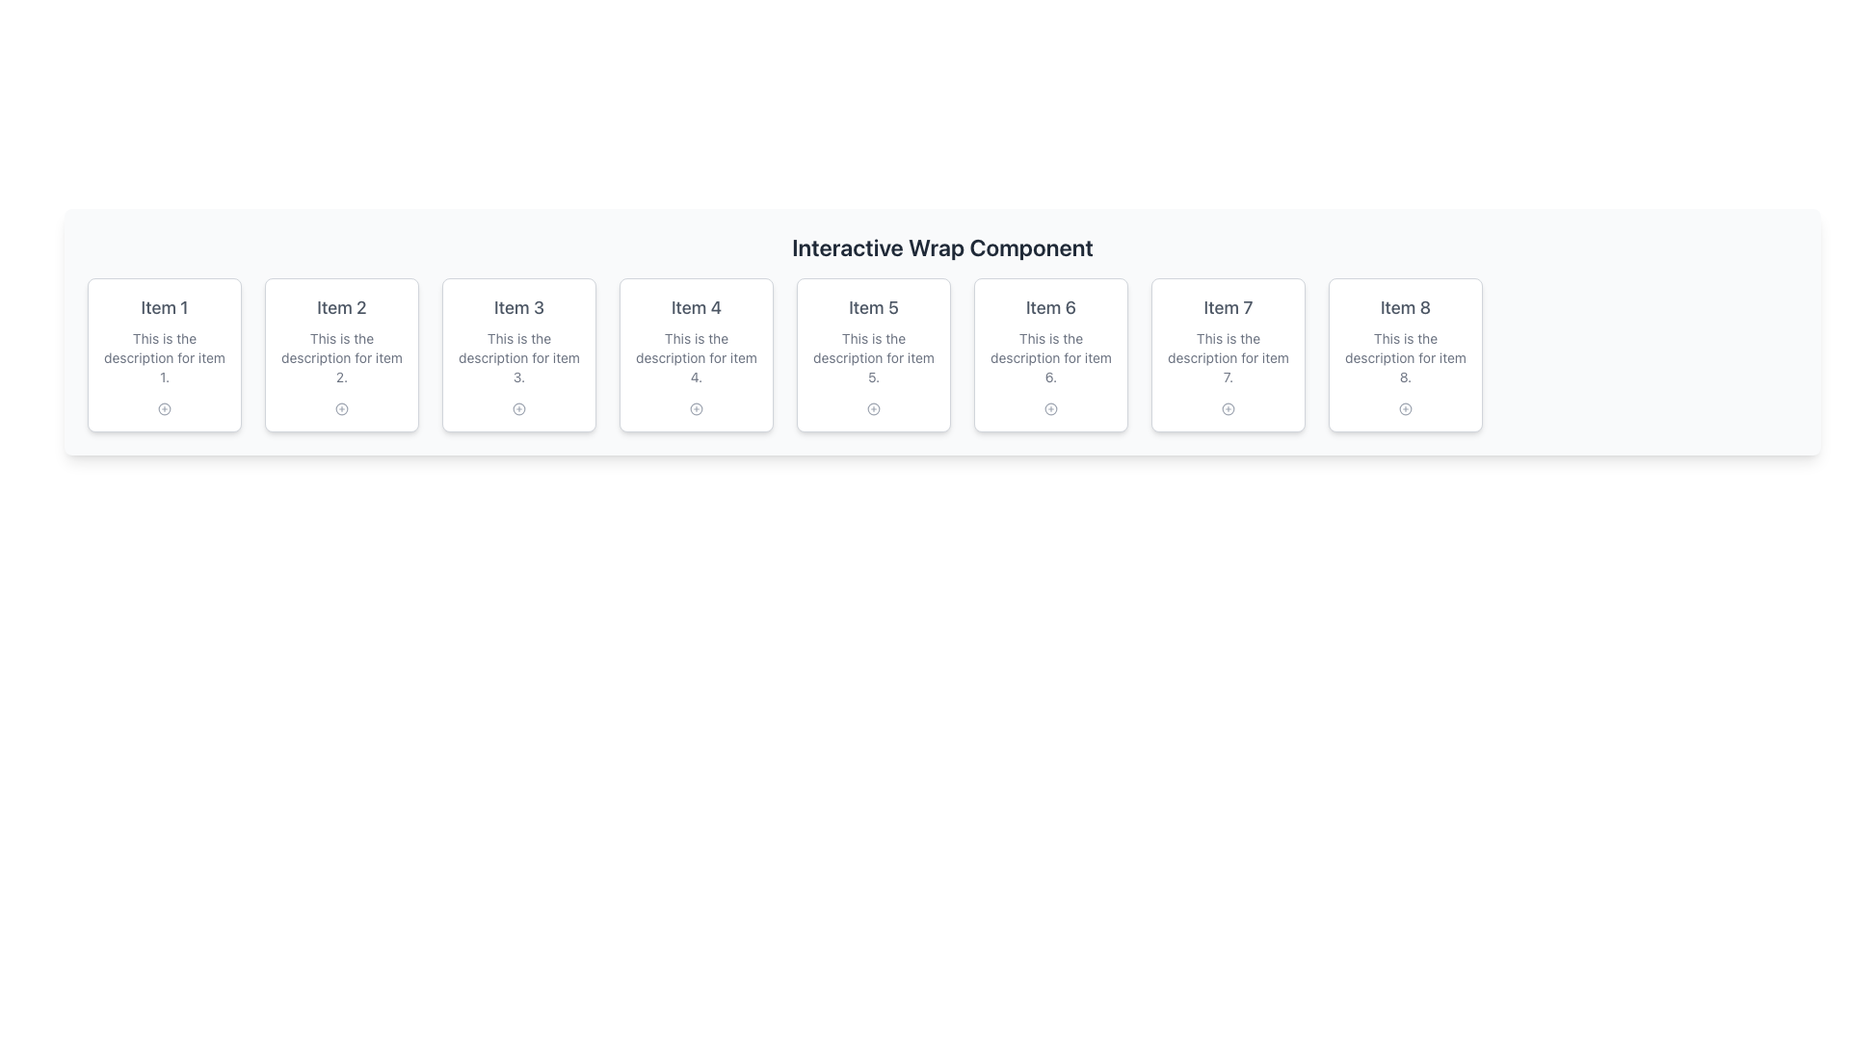 This screenshot has height=1040, width=1850. I want to click on the circular '+' icon button located within the 'Item 2' tile, so click(342, 407).